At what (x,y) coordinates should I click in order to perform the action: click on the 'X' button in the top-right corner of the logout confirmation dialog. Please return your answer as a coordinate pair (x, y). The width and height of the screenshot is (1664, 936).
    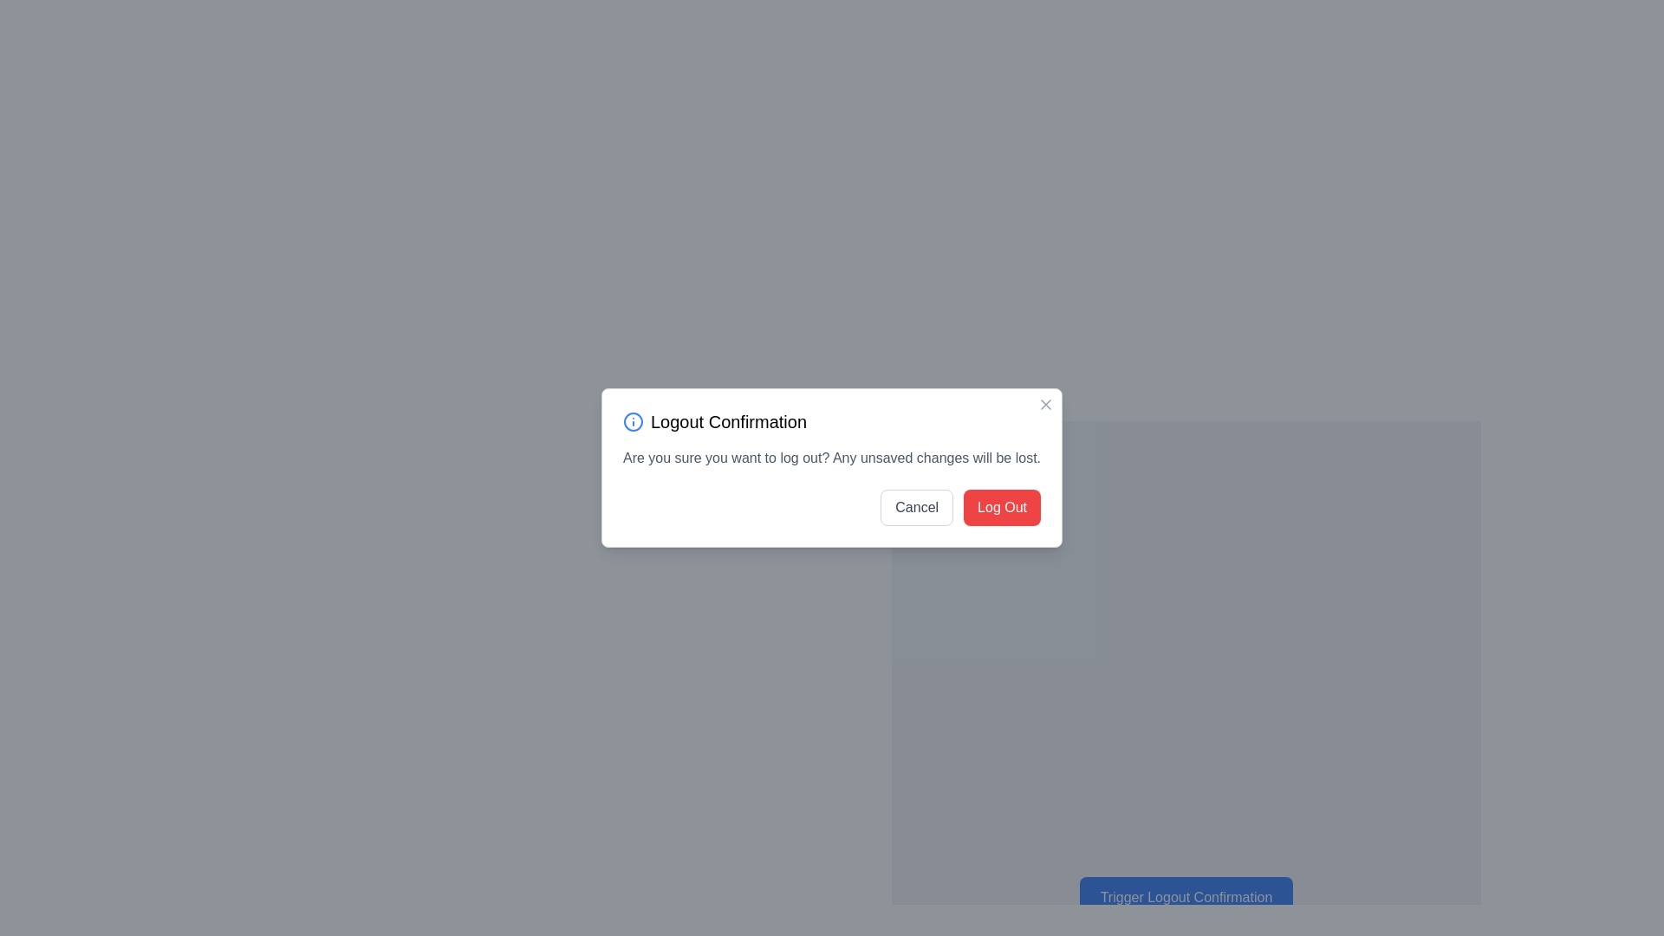
    Looking at the image, I should click on (1045, 404).